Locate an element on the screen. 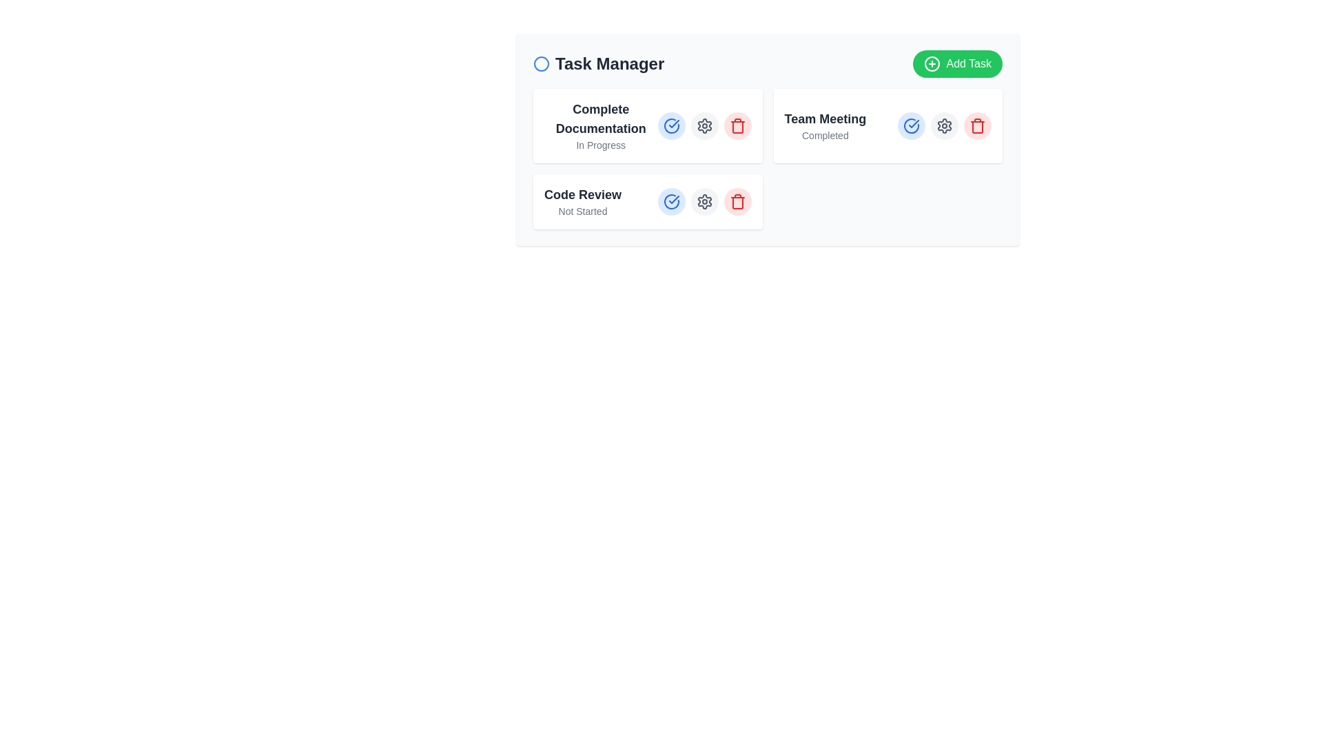 The image size is (1323, 744). the circular icon with a checkmark inside, styled with a blue outline and white interior, located under the 'Complete Documentation' task in the left column of the task cards is located at coordinates (671, 125).